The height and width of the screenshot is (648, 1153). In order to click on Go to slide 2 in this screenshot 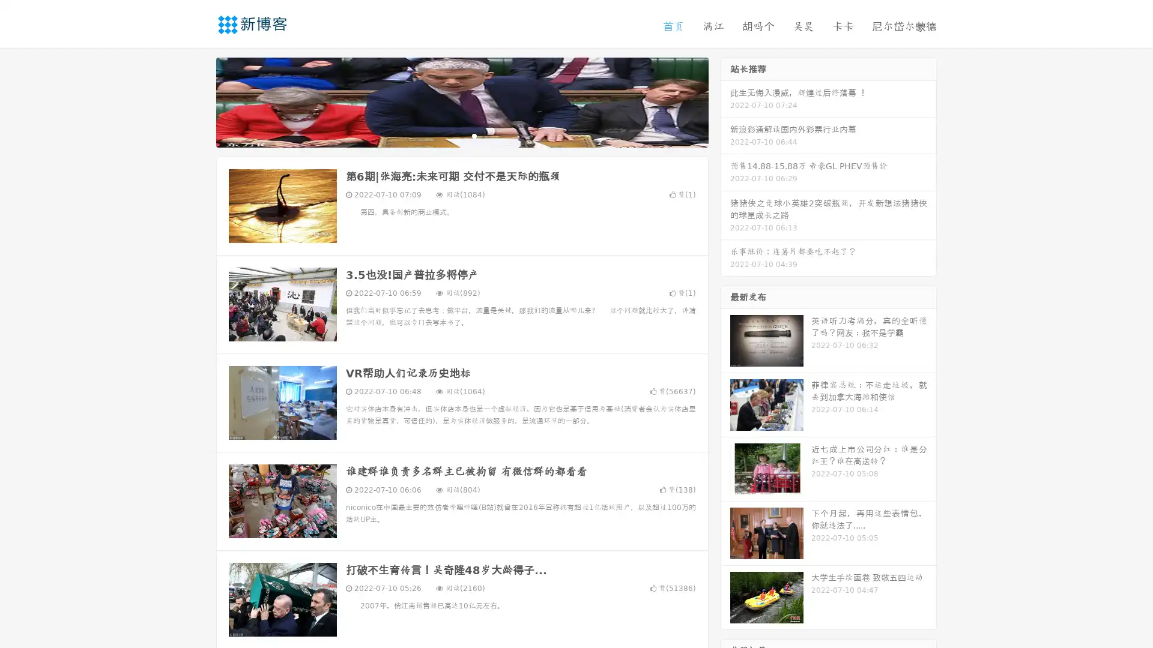, I will do `click(461, 135)`.